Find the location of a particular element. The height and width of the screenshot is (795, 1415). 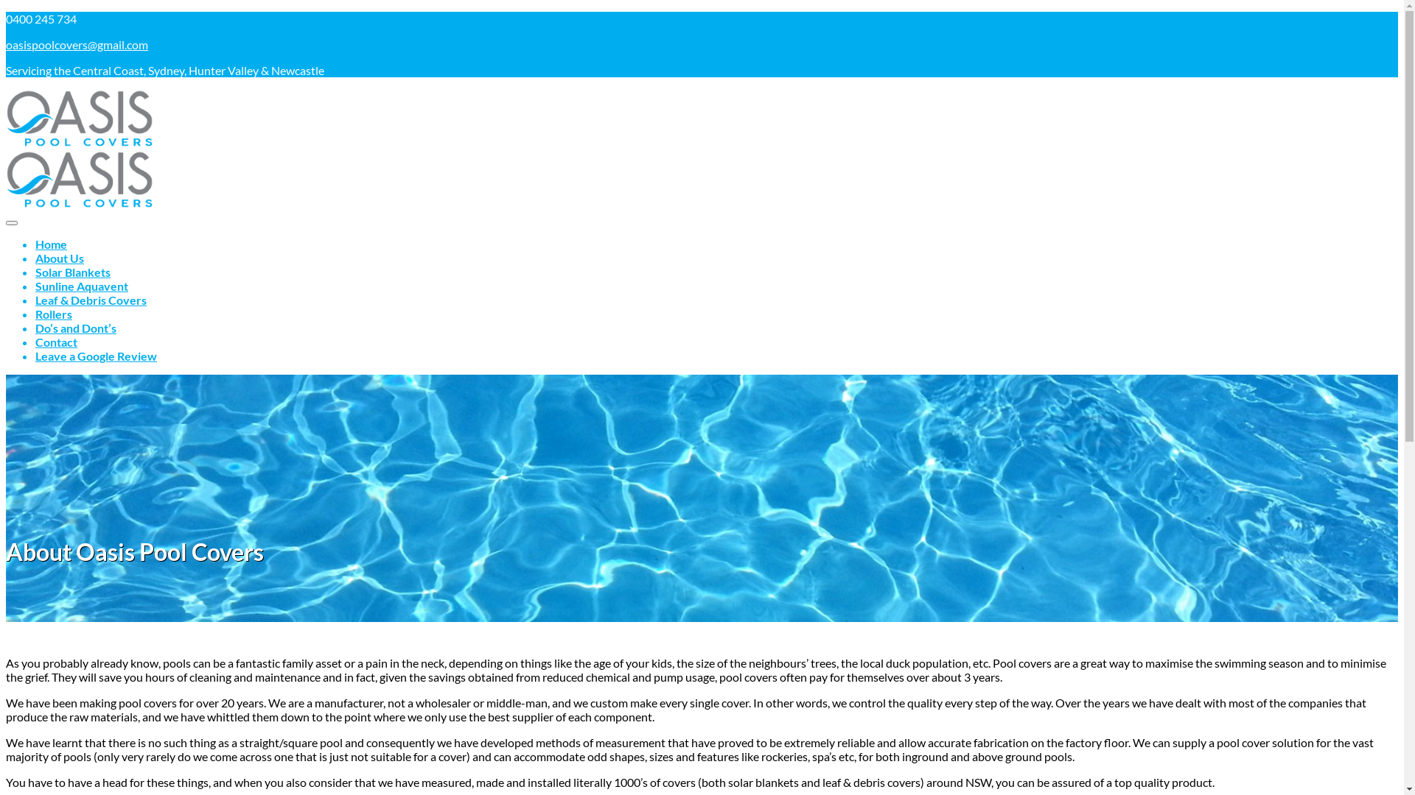

'About Us' is located at coordinates (59, 257).